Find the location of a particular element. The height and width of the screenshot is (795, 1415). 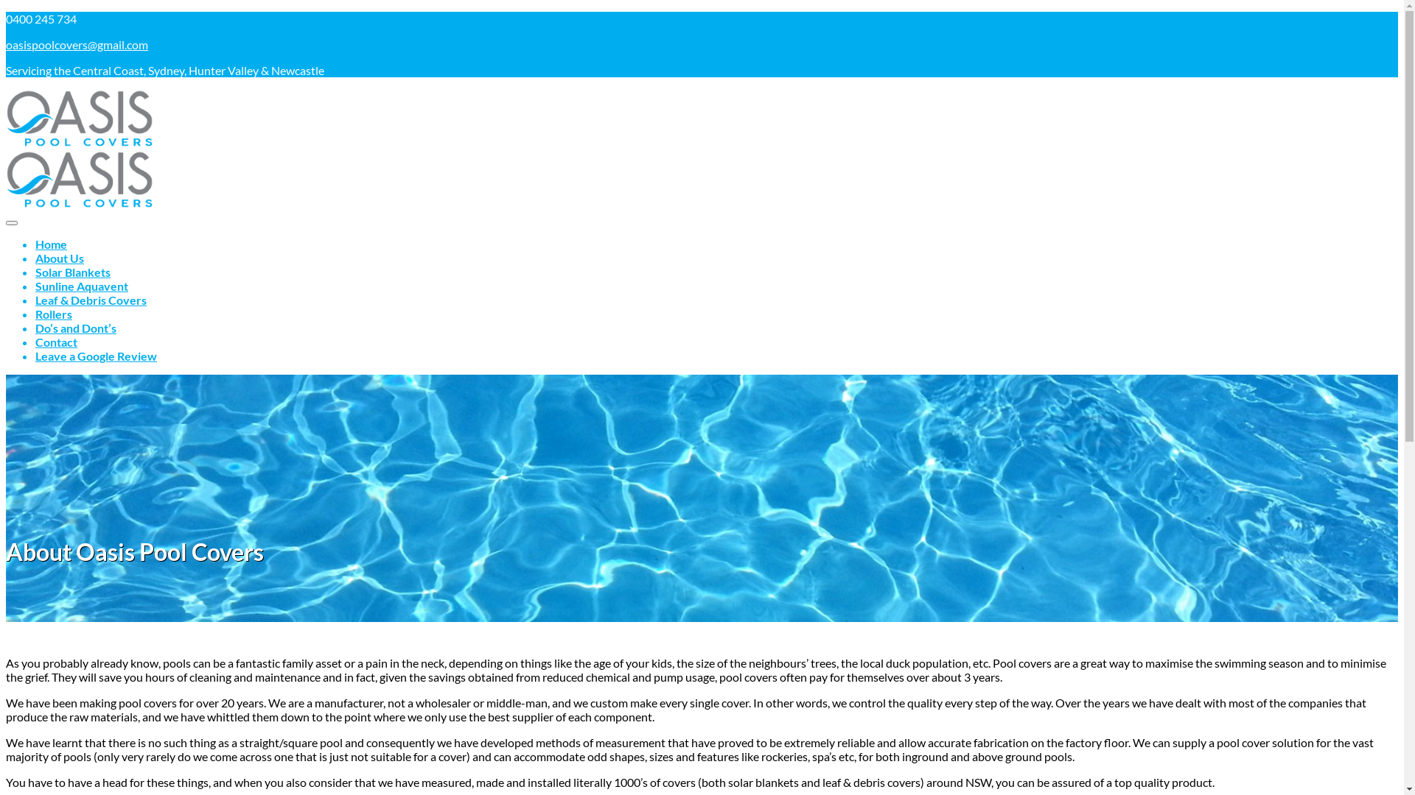

'About Us' is located at coordinates (59, 257).